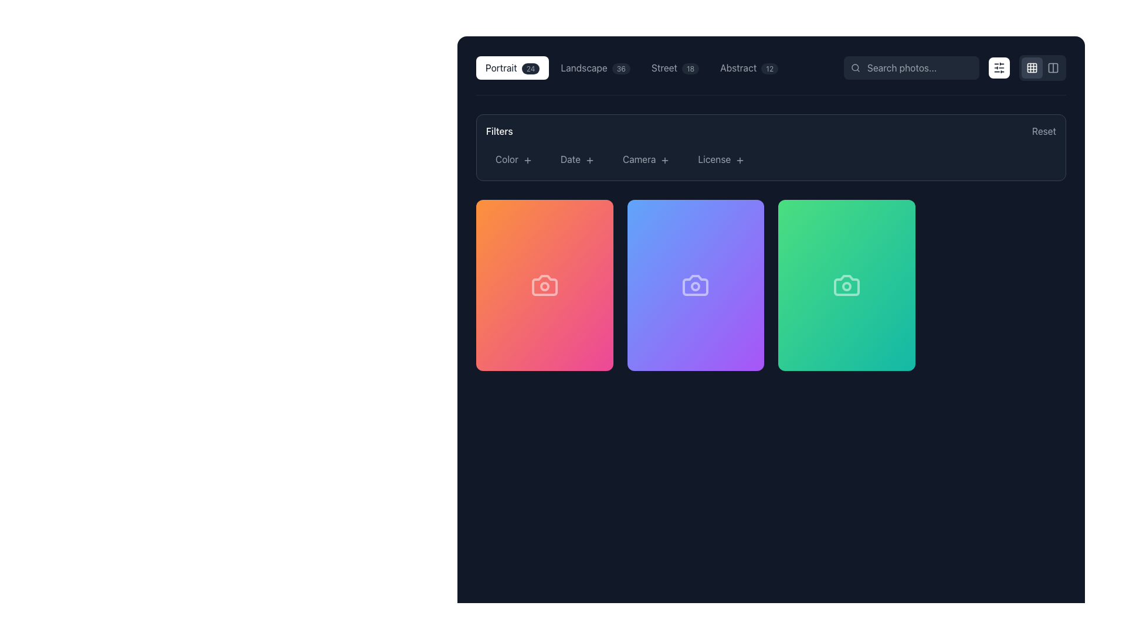  Describe the element at coordinates (690, 69) in the screenshot. I see `the small pill-shaped label or badge with a dark gray background and light gray text reading '18', located to the right of the word 'Street' in the horizontal toolbar at the top of the interface` at that location.